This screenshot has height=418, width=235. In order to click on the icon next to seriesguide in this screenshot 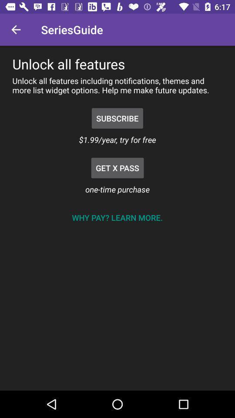, I will do `click(16, 30)`.